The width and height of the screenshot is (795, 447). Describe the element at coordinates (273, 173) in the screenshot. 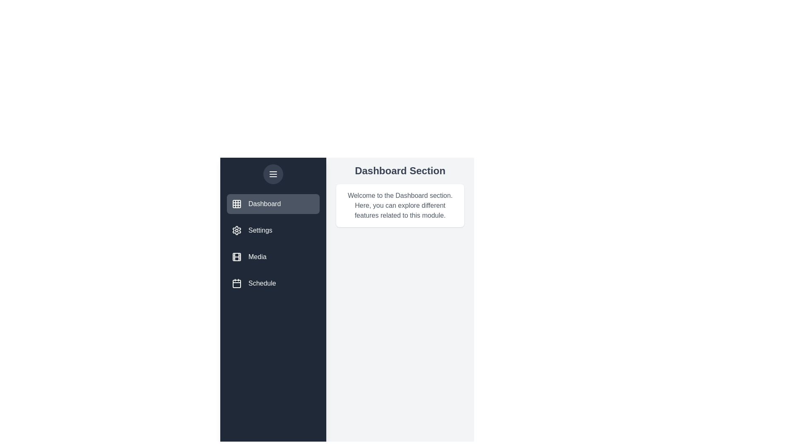

I see `the toggle button to open or close the drawer` at that location.